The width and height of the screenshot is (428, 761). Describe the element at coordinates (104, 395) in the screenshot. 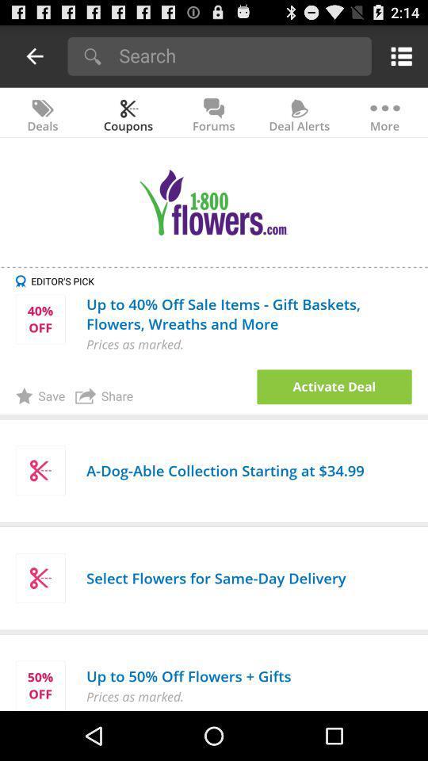

I see `the share item` at that location.